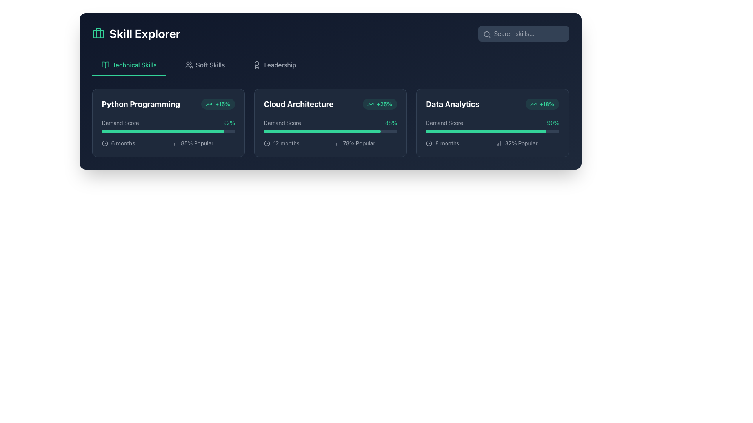 The width and height of the screenshot is (753, 423). I want to click on the Text Label displaying '85% Popular' with a bar chart icon, located inside the 'Python Programming' panel, so click(203, 143).